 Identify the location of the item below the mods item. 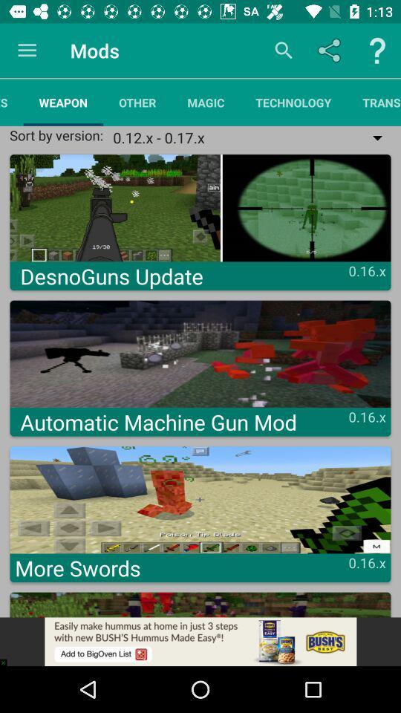
(137, 102).